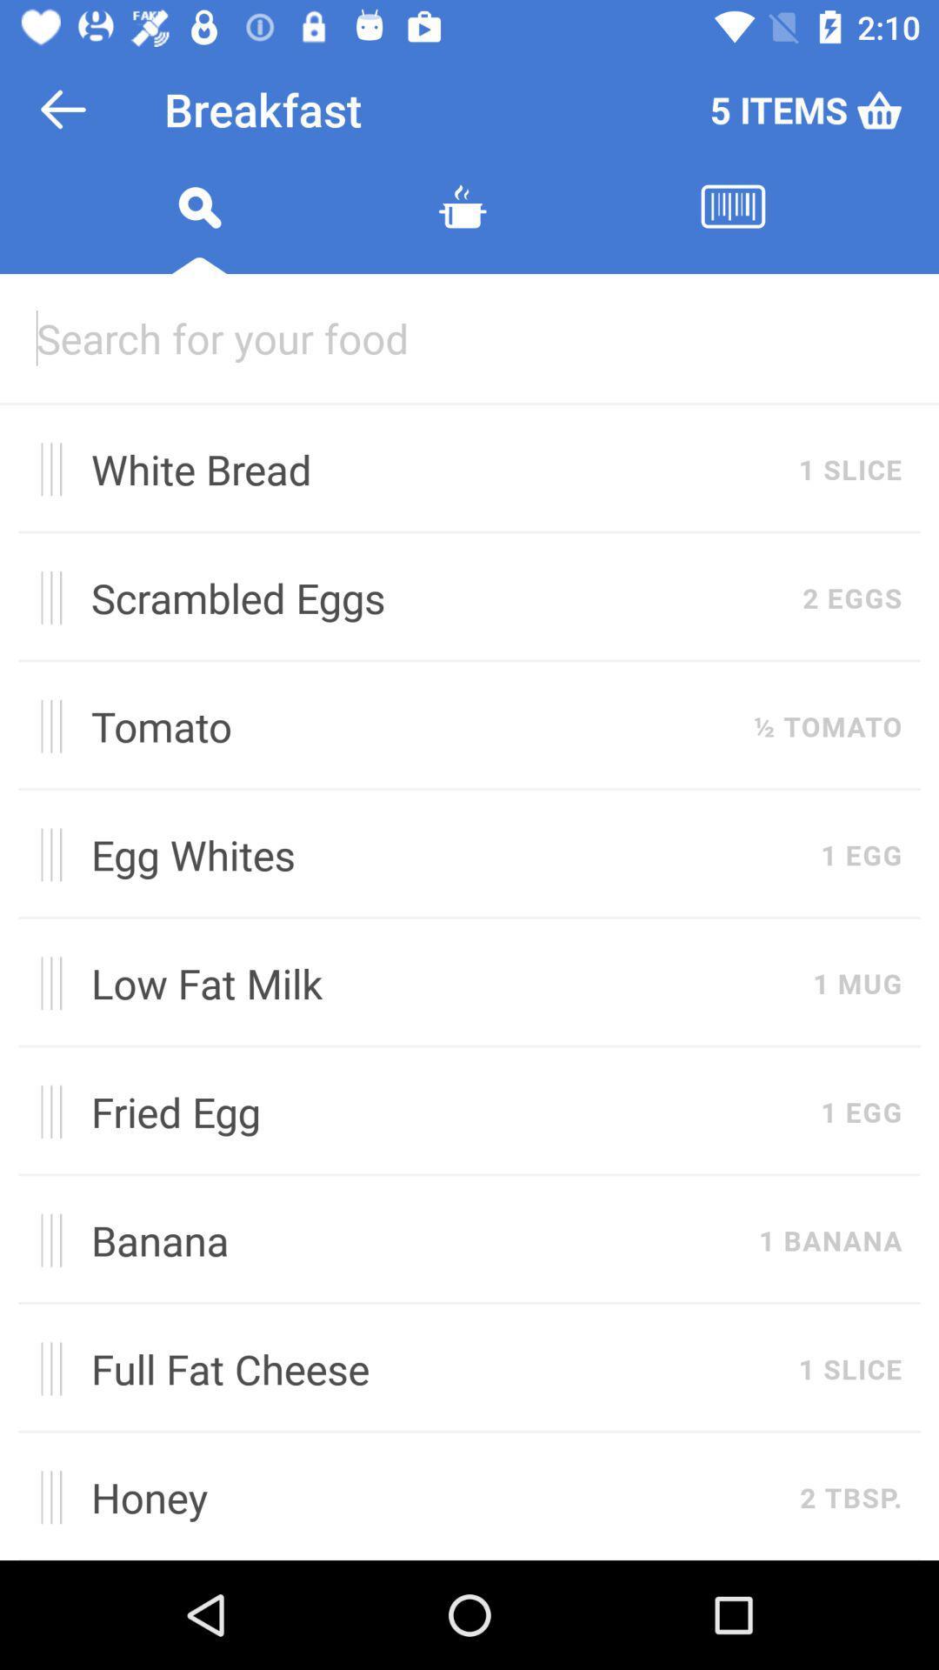 This screenshot has width=939, height=1670. Describe the element at coordinates (442, 983) in the screenshot. I see `low fat milk item` at that location.